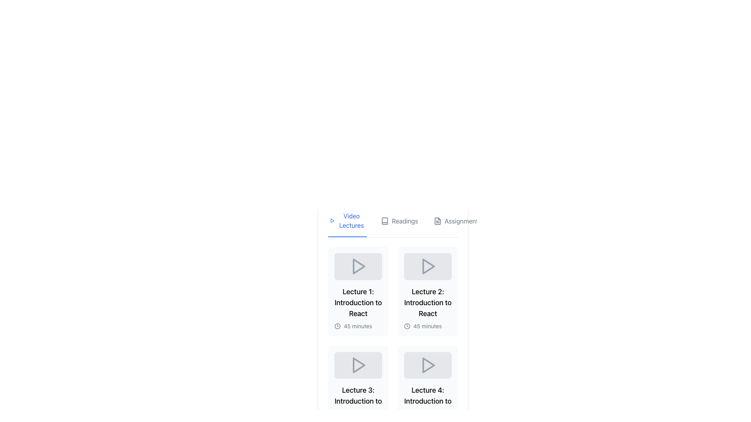 This screenshot has height=422, width=751. Describe the element at coordinates (428, 266) in the screenshot. I see `the Video Thumbnail with a play icon, located in the grid under 'Lecture 2: Introduction to React'` at that location.